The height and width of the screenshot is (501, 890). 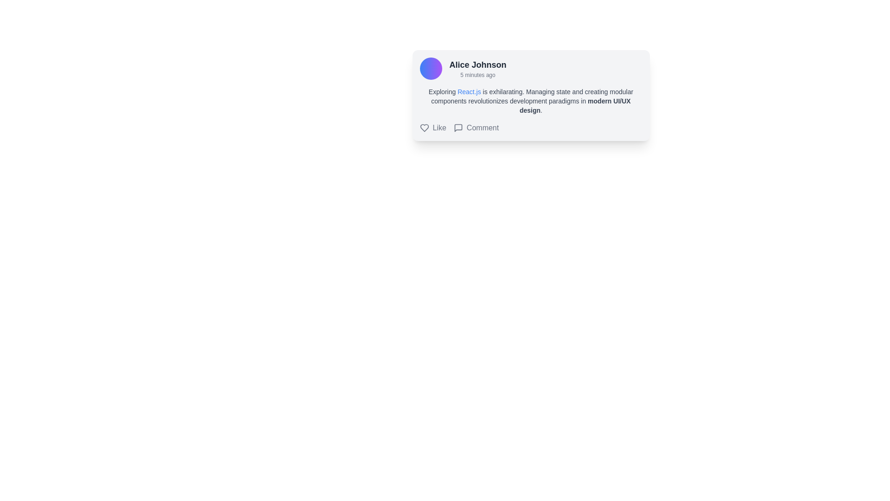 What do you see at coordinates (478, 68) in the screenshot?
I see `username and timestamp displayed in bold and smaller font respectively, located on the left side of the card next to a circular avatar image` at bounding box center [478, 68].